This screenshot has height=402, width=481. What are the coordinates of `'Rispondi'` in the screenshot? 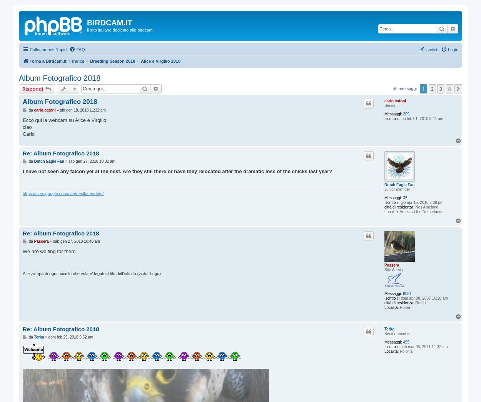 It's located at (32, 89).